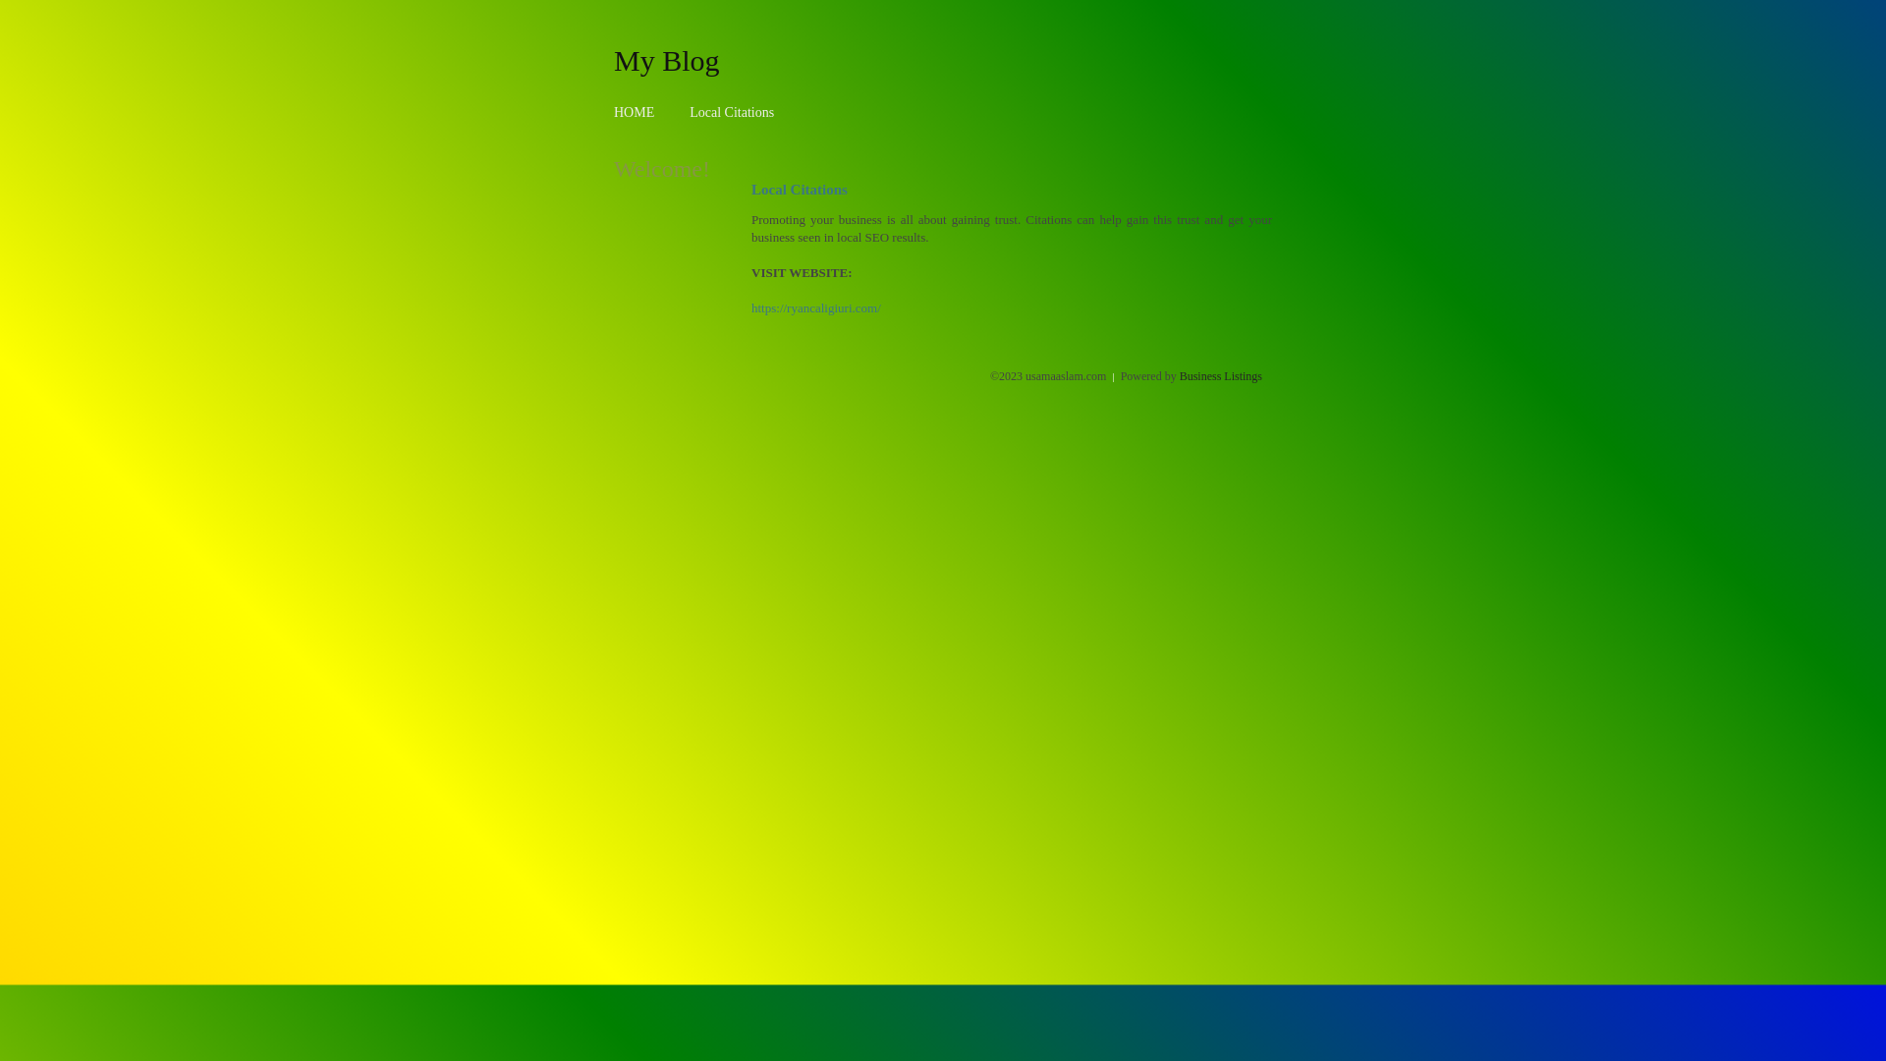 This screenshot has height=1061, width=1886. What do you see at coordinates (634, 112) in the screenshot?
I see `'HOME'` at bounding box center [634, 112].